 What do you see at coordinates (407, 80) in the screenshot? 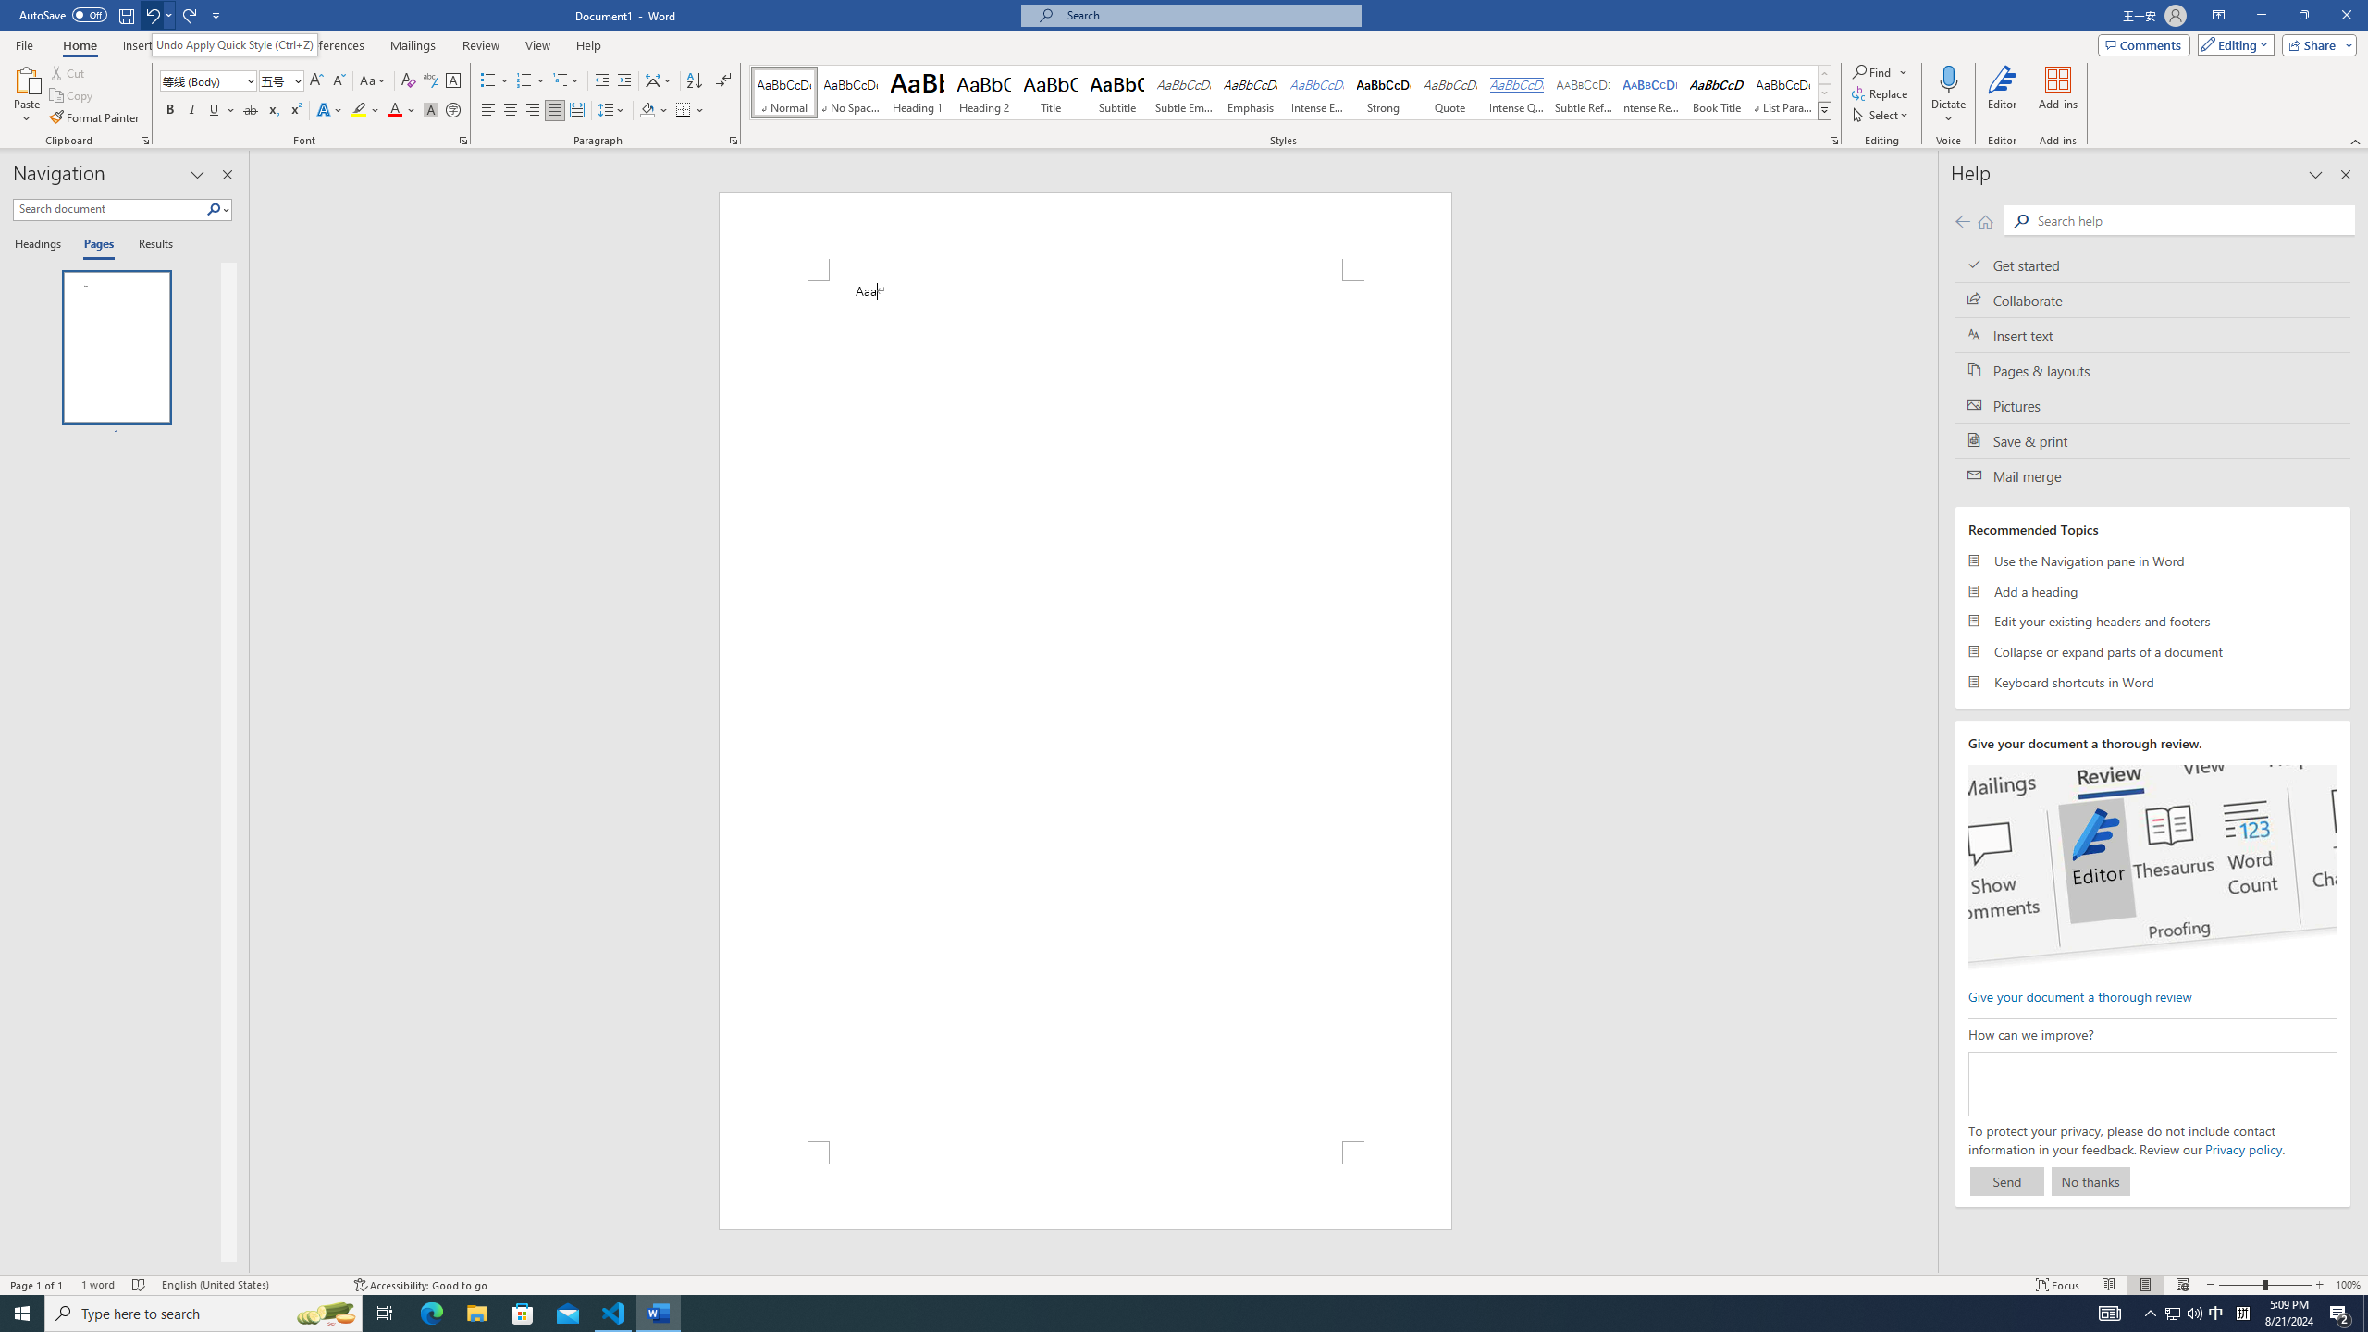
I see `'Clear Formatting'` at bounding box center [407, 80].